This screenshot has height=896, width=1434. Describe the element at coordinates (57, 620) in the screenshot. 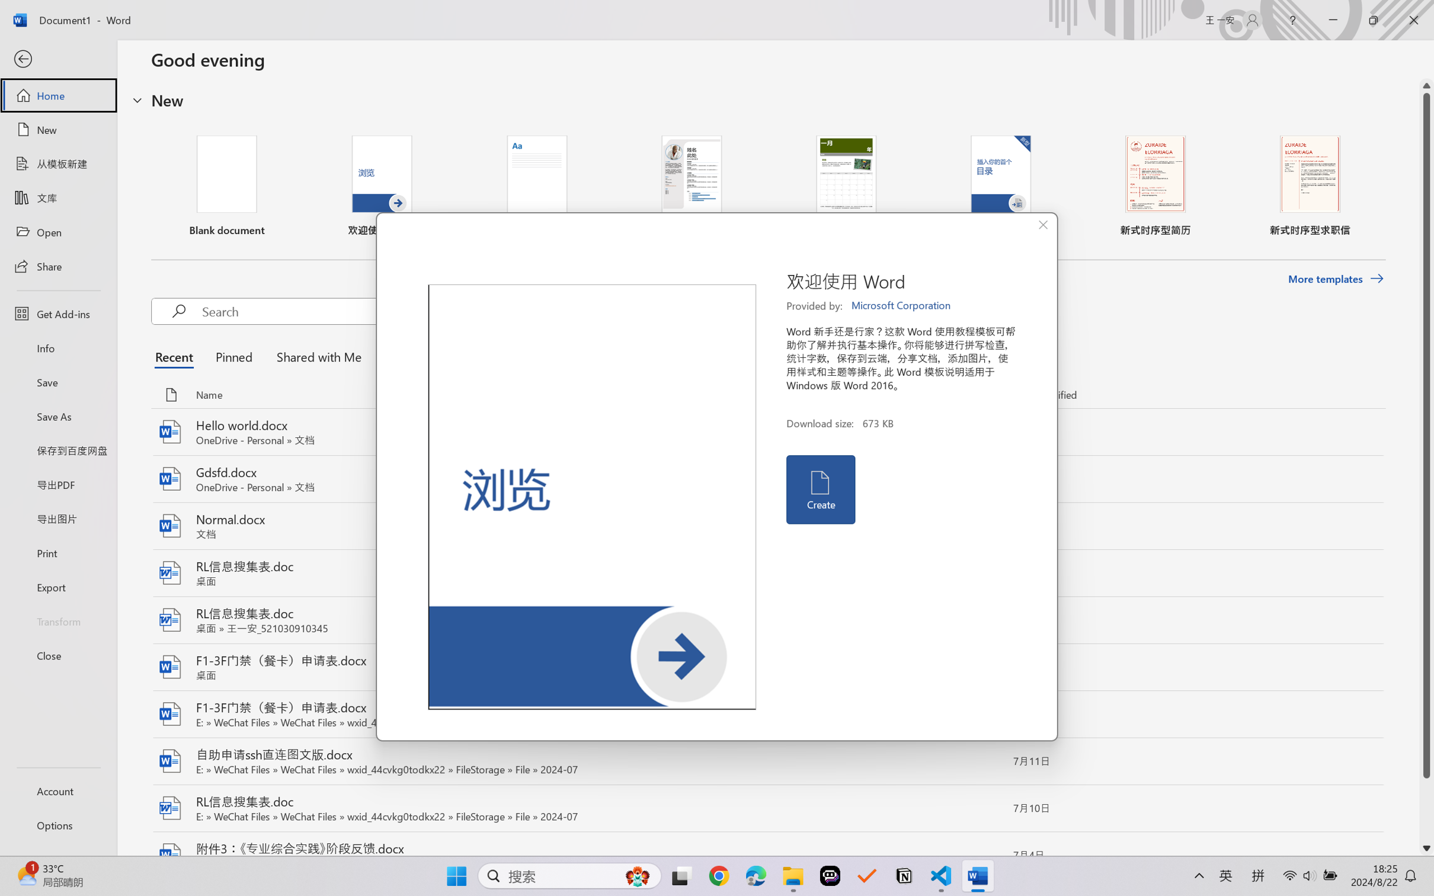

I see `'Transform'` at that location.